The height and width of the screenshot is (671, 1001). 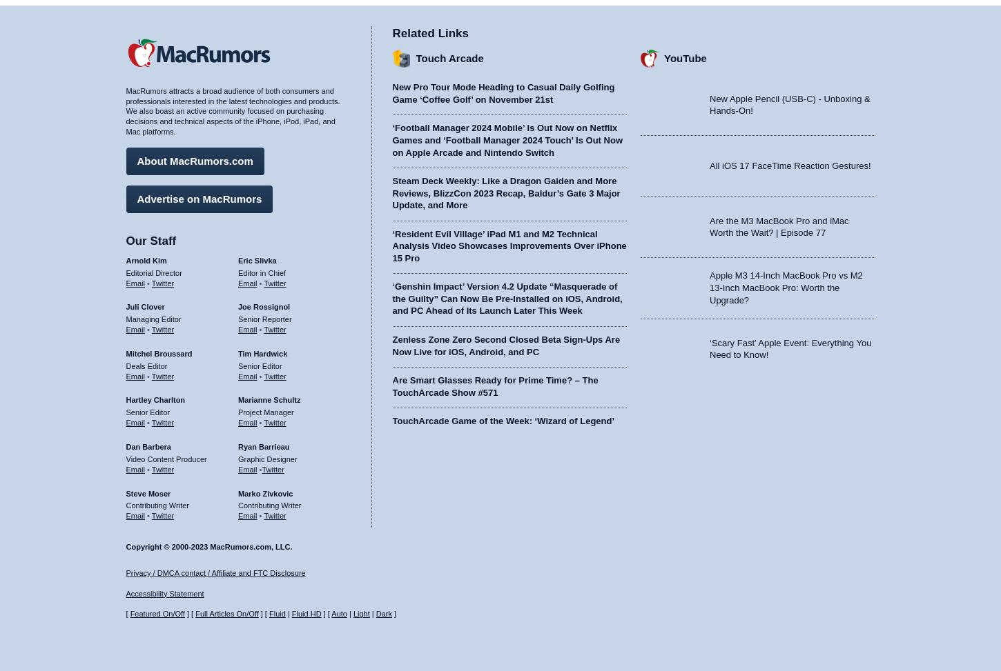 I want to click on 'Project Manager', so click(x=264, y=412).